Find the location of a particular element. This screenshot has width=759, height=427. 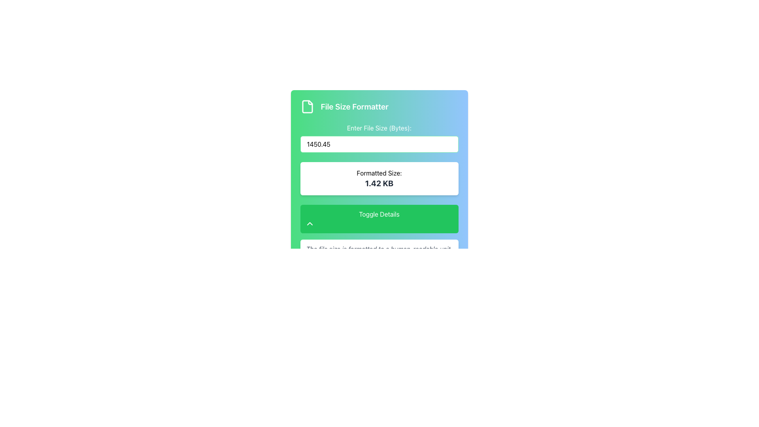

the text label that serves as a title indicating the purpose of the tool related to formatting file sizes, located to the right of a file document icon is located at coordinates (354, 107).